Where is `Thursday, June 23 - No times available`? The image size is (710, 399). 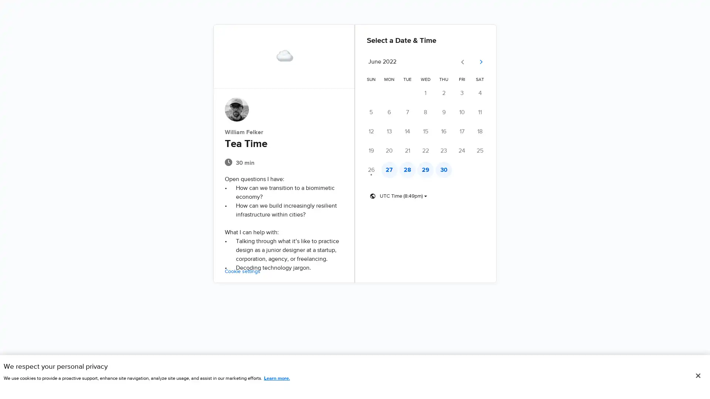 Thursday, June 23 - No times available is located at coordinates (447, 150).